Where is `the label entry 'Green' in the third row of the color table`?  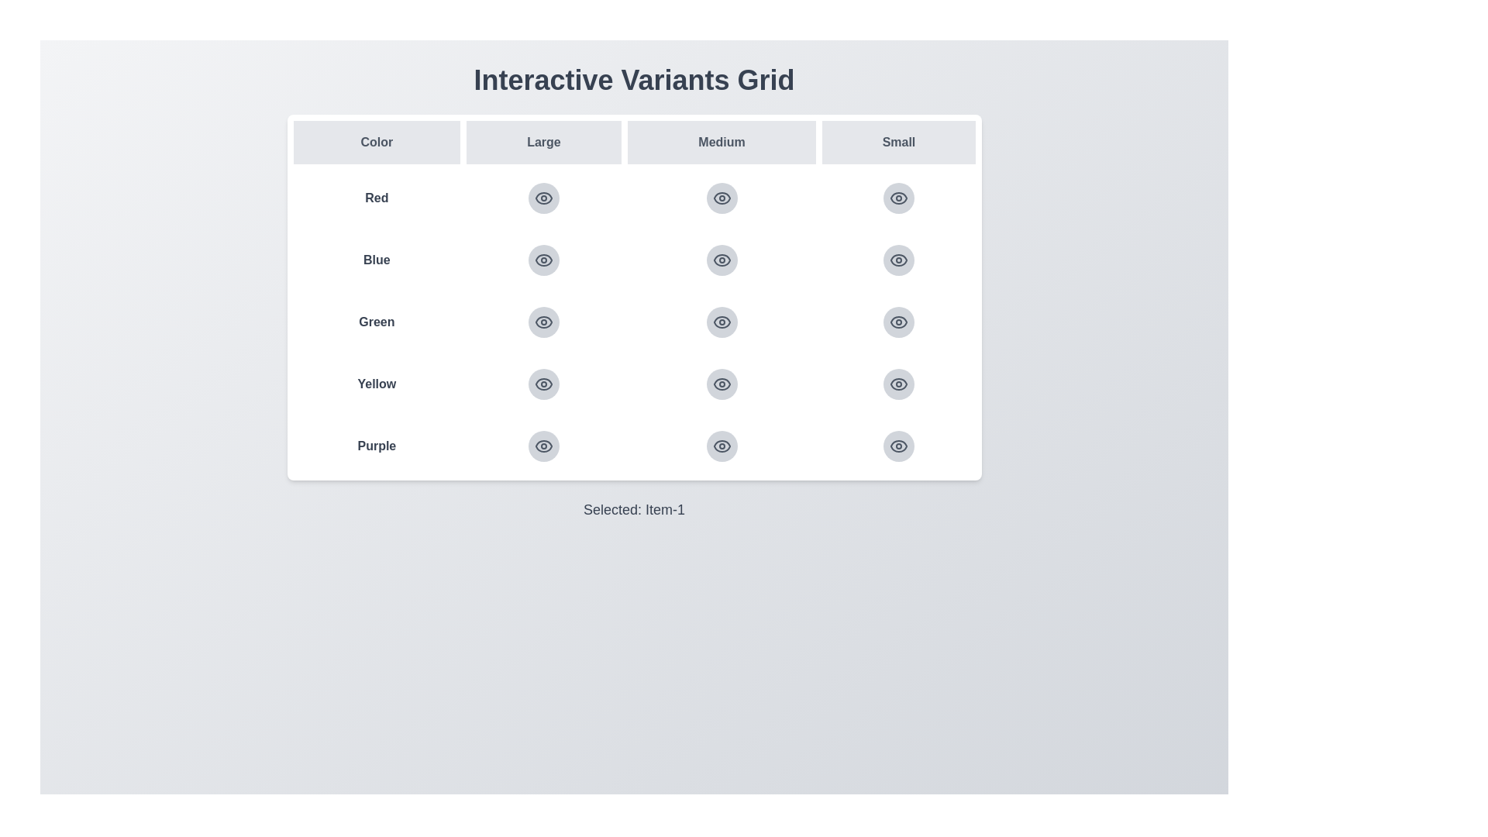
the label entry 'Green' in the third row of the color table is located at coordinates (634, 322).